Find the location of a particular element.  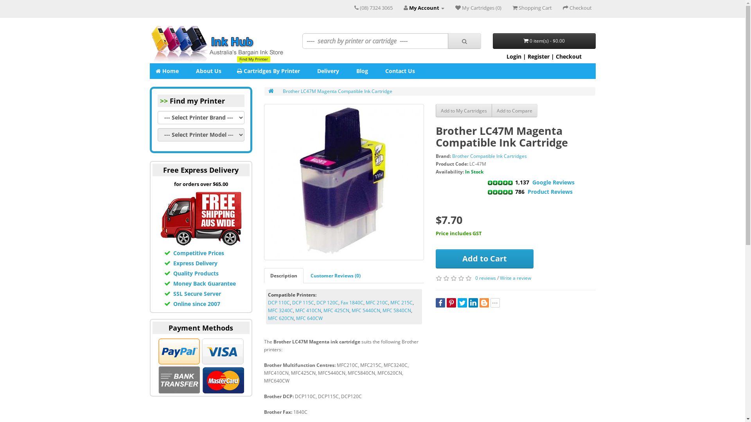

'Brother LC47M Magenta Compatible Ink Cartridge' is located at coordinates (343, 182).